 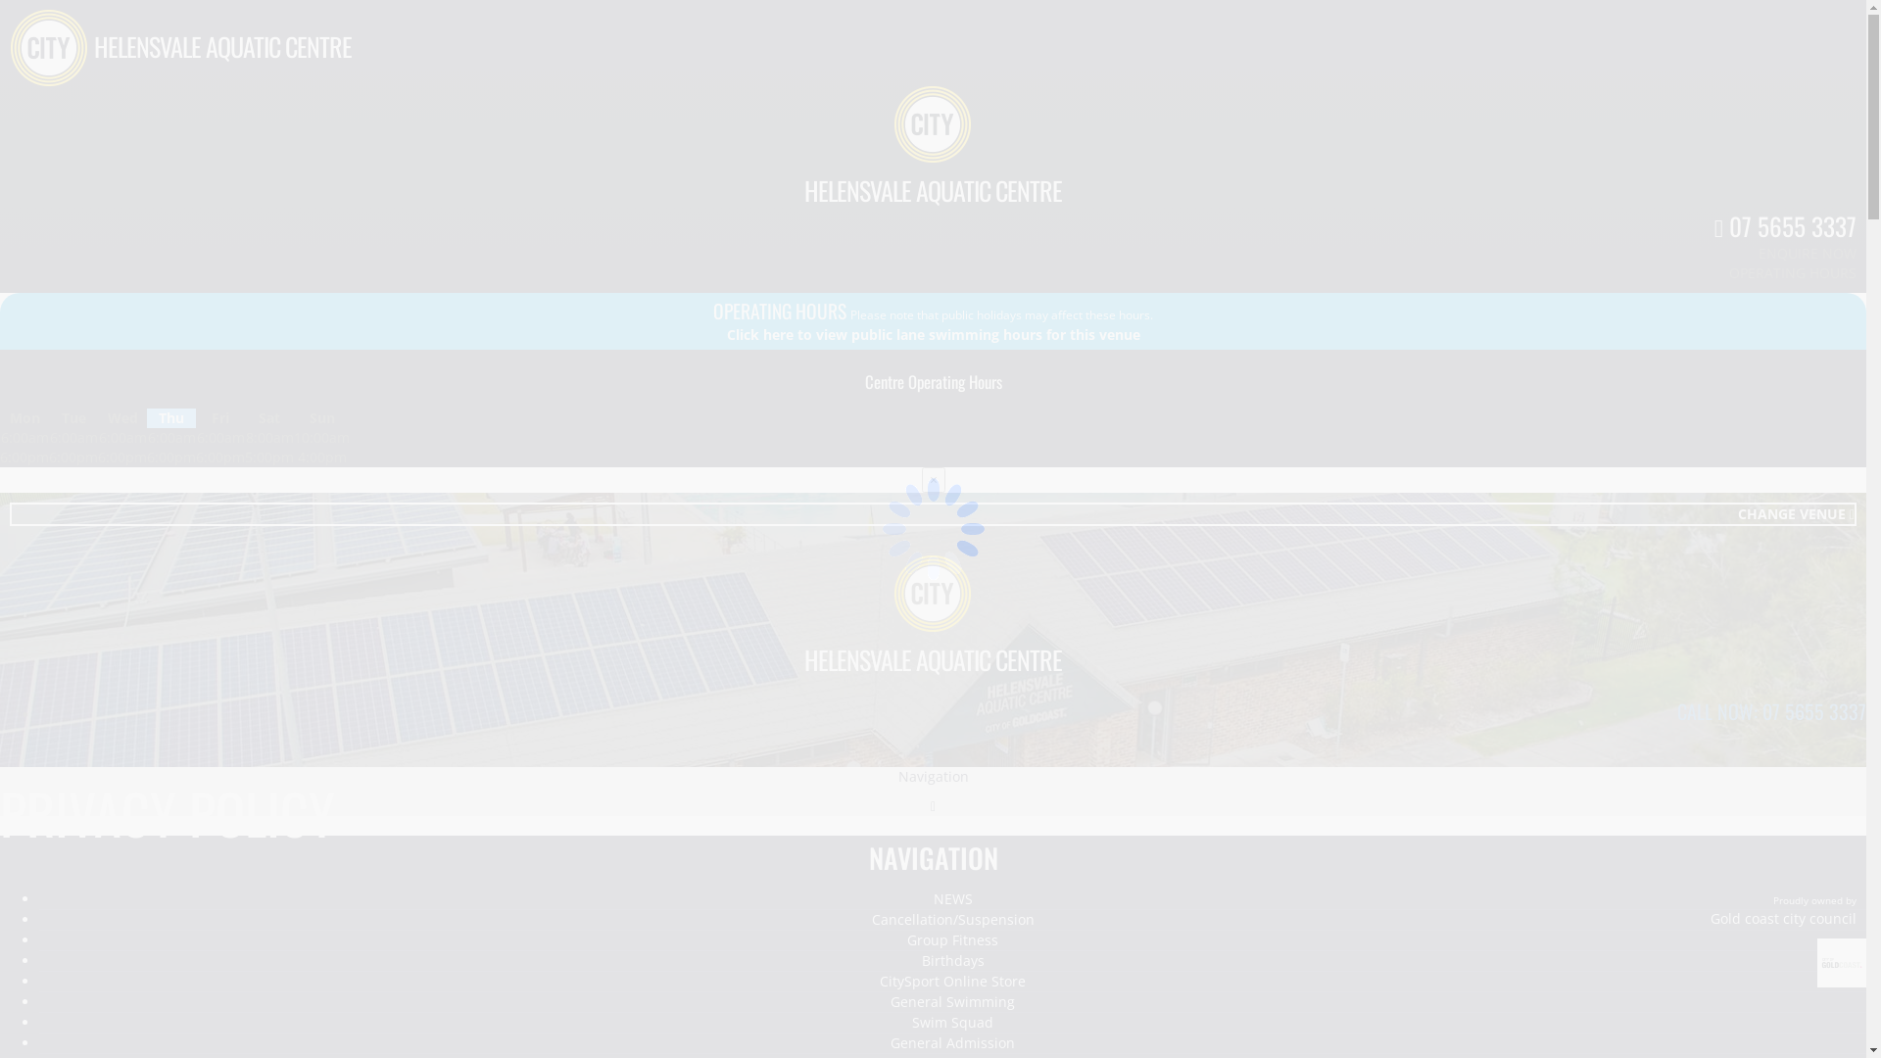 I want to click on 'CALL NOW: 07 5655 3337', so click(x=1771, y=710).